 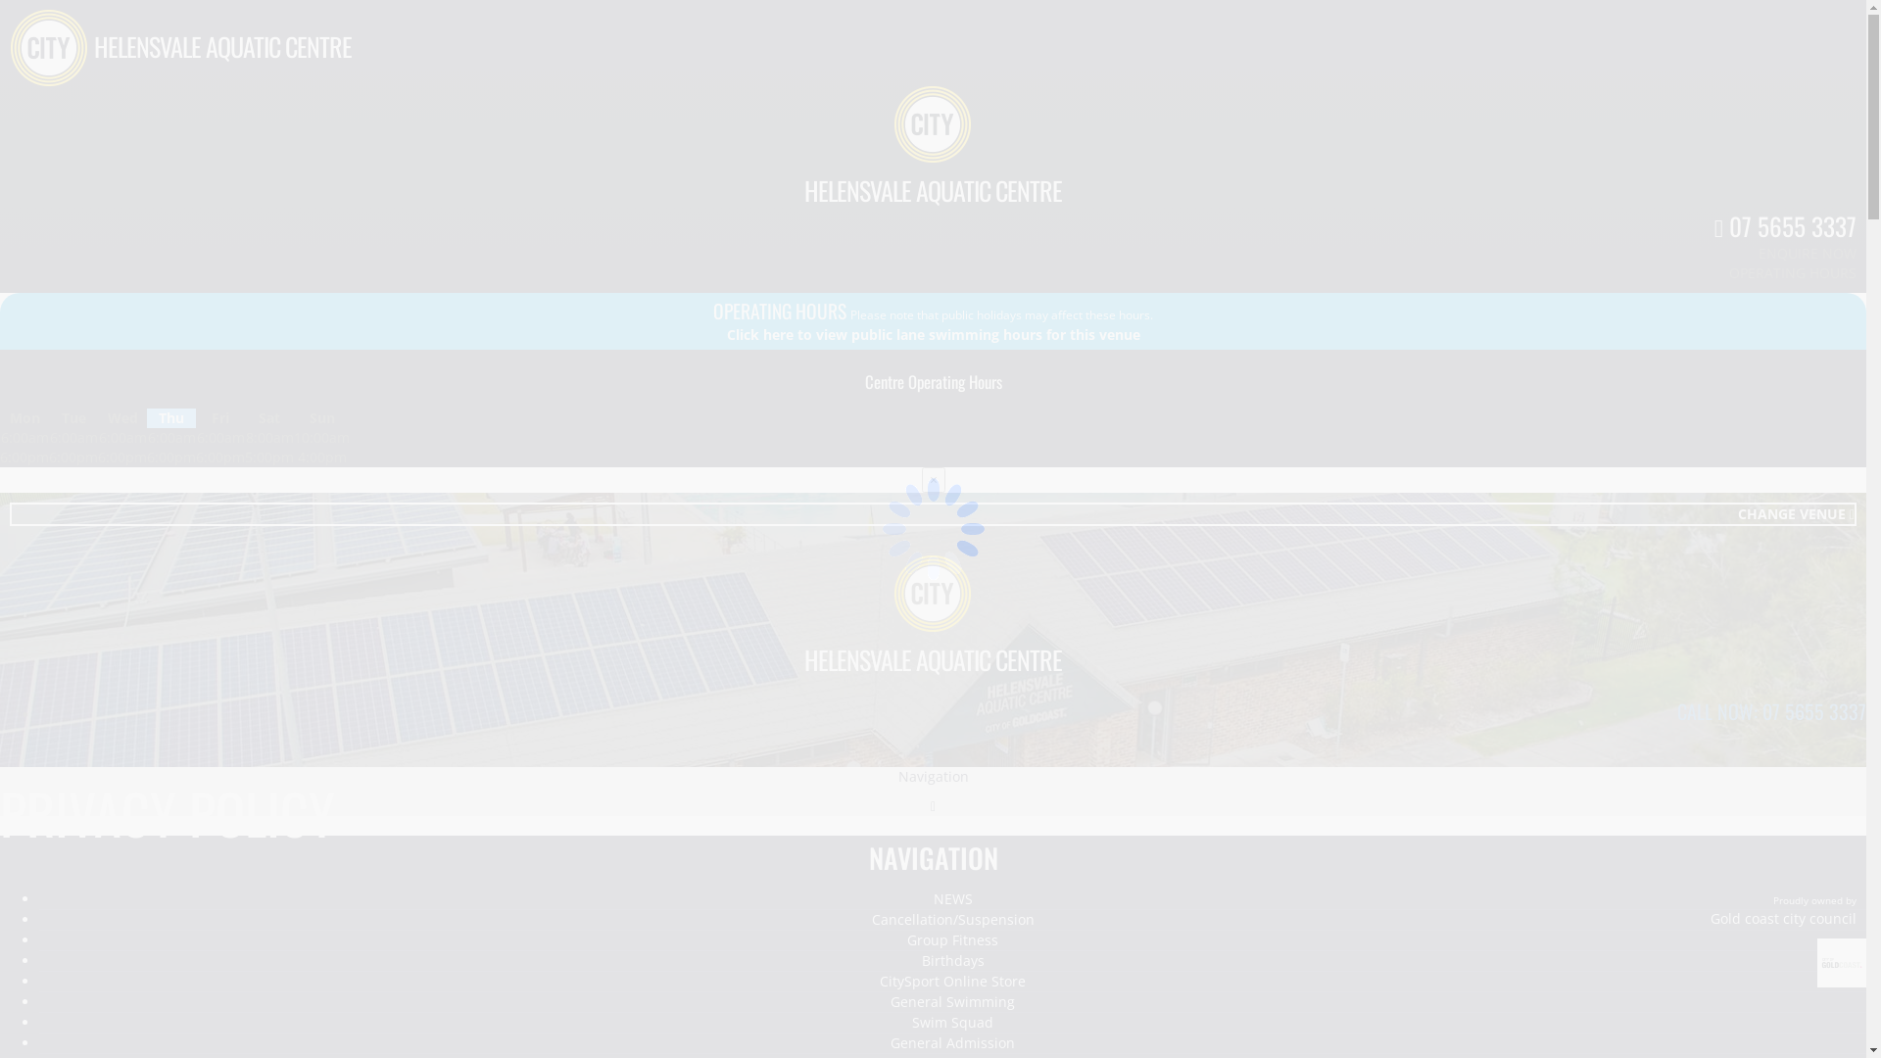 I want to click on 'CALL NOW: 07 5655 3337', so click(x=1771, y=710).